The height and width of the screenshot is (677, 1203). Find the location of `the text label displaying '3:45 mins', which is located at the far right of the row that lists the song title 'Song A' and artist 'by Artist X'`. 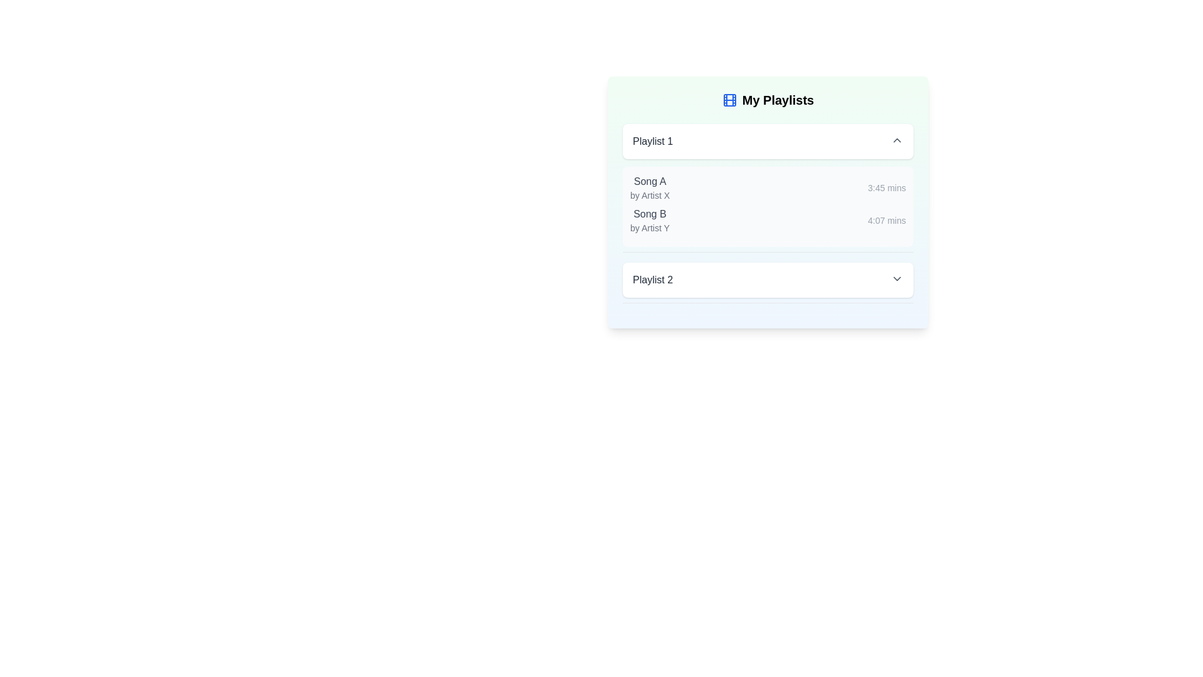

the text label displaying '3:45 mins', which is located at the far right of the row that lists the song title 'Song A' and artist 'by Artist X' is located at coordinates (886, 188).